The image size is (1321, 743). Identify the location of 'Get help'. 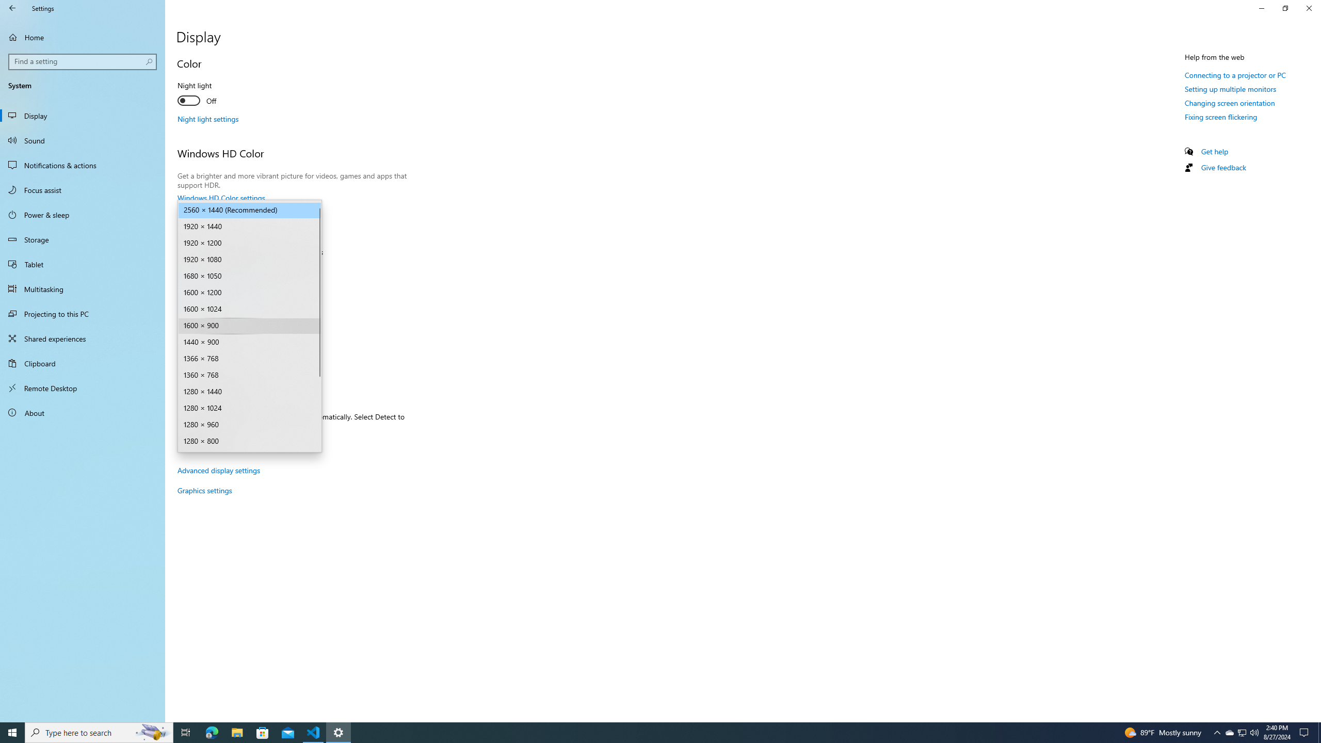
(1214, 151).